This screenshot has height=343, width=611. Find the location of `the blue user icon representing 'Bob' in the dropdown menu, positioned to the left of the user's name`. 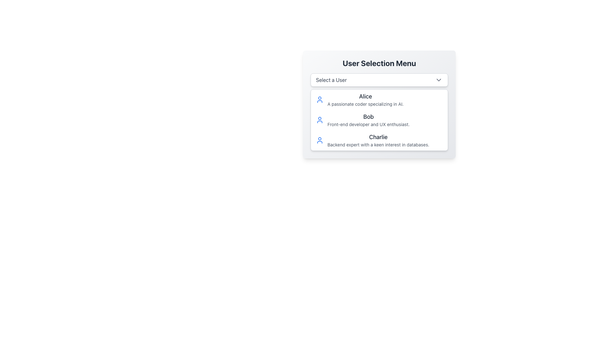

the blue user icon representing 'Bob' in the dropdown menu, positioned to the left of the user's name is located at coordinates (320, 120).